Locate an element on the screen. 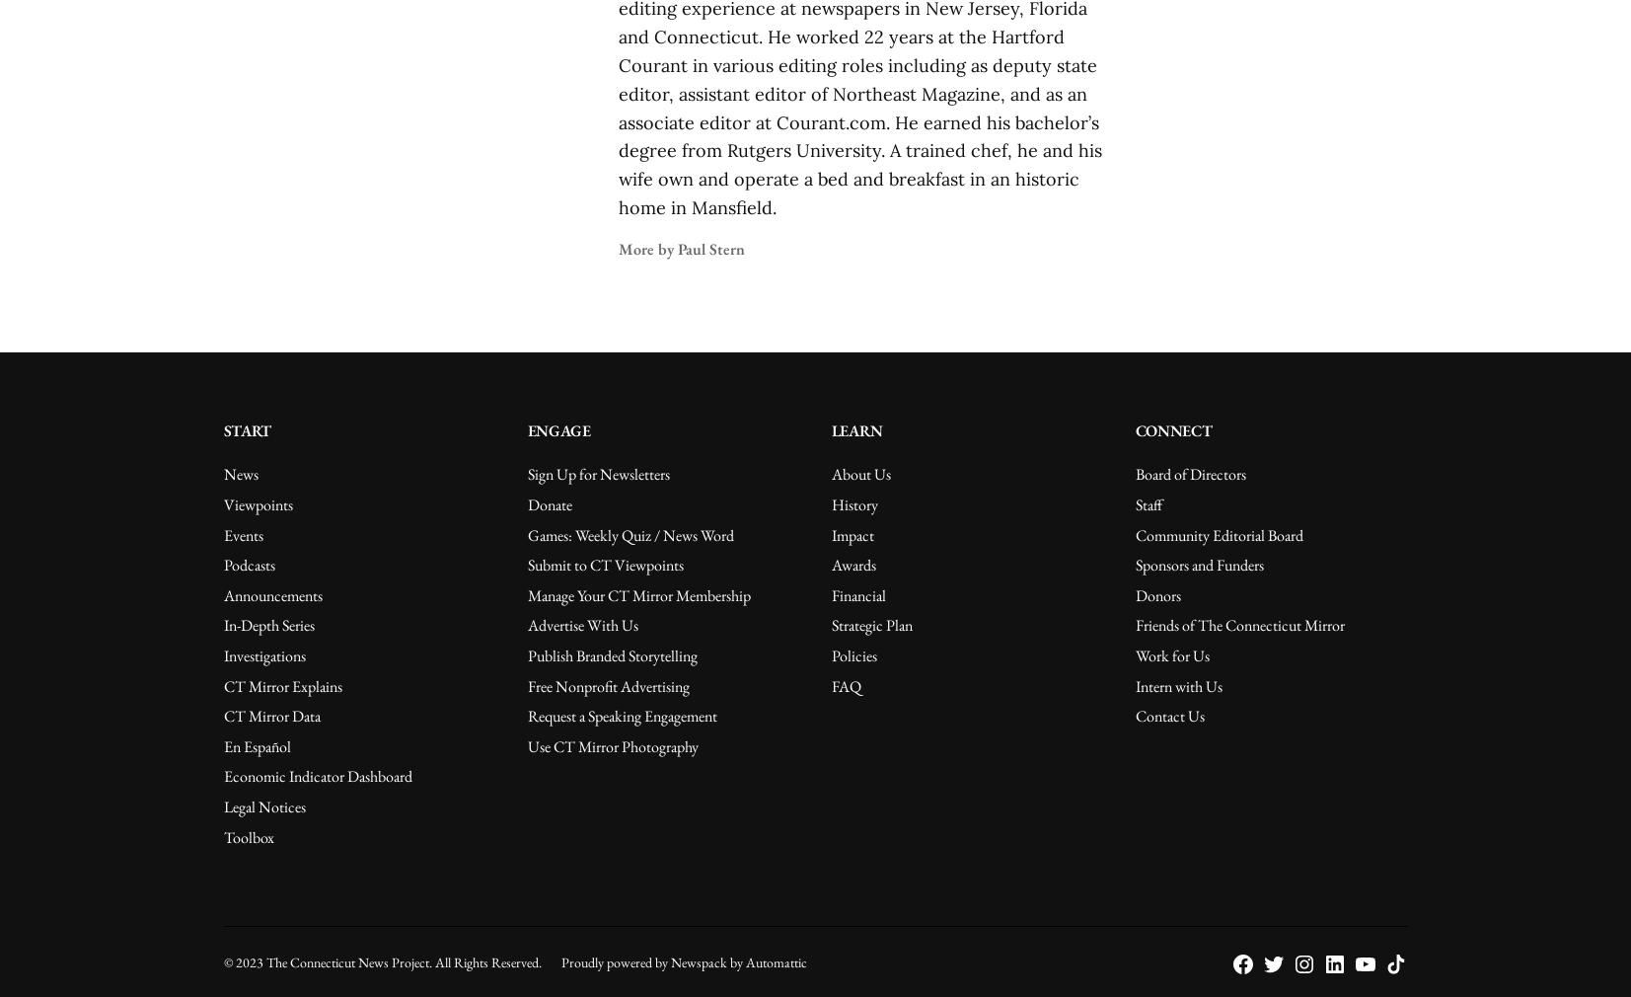  'Start' is located at coordinates (245, 429).